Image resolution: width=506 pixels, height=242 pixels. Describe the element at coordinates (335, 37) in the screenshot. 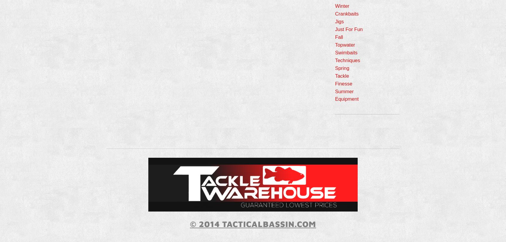

I see `'Fall'` at that location.